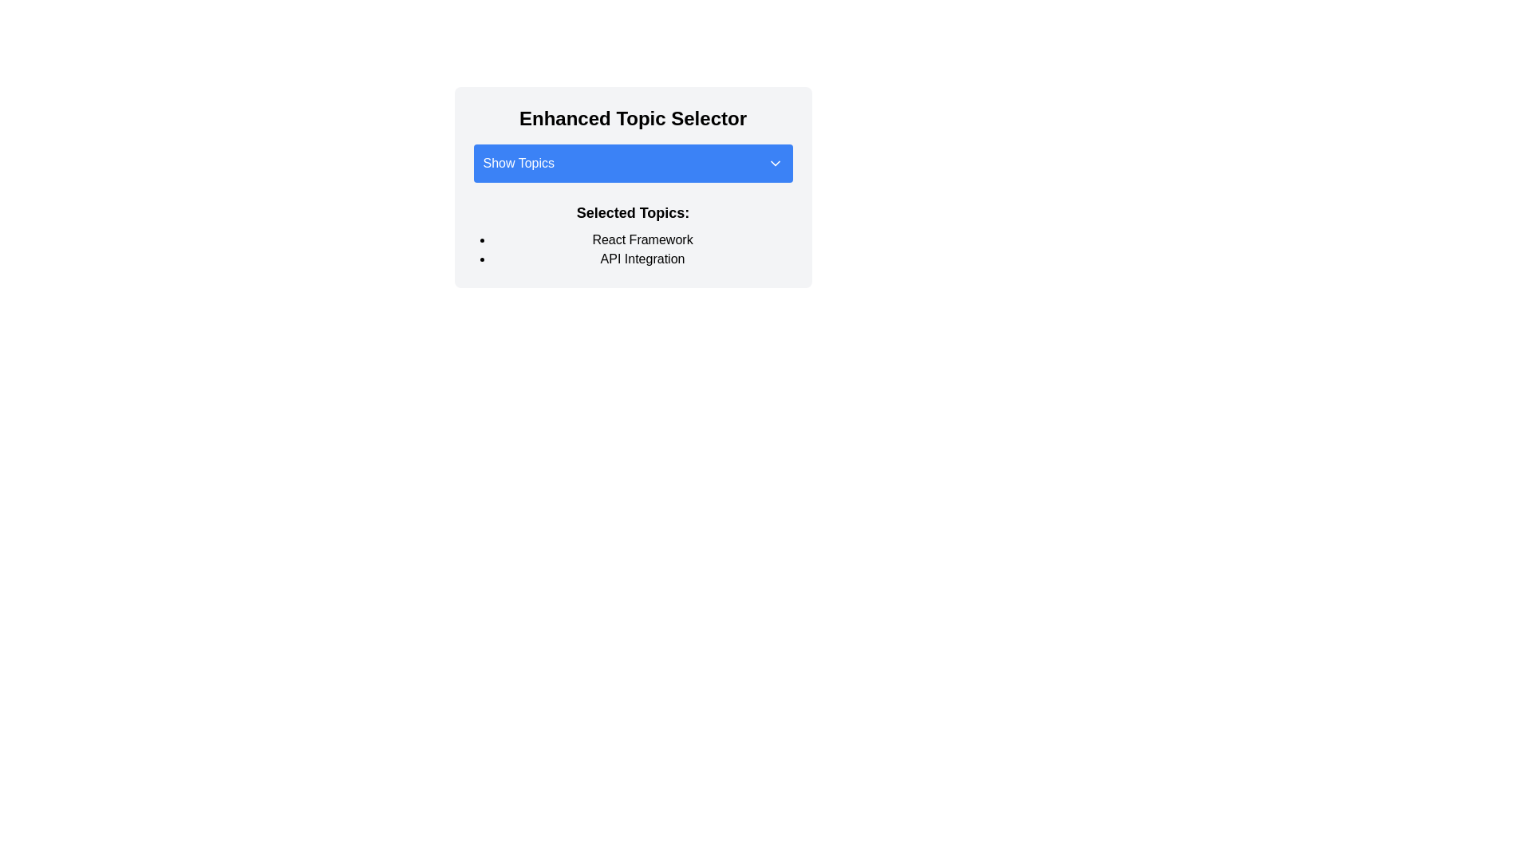  What do you see at coordinates (632, 212) in the screenshot?
I see `the text label indicating the purpose of the subsequent list of selected topics, located below the 'Show Topics' dropdown button` at bounding box center [632, 212].